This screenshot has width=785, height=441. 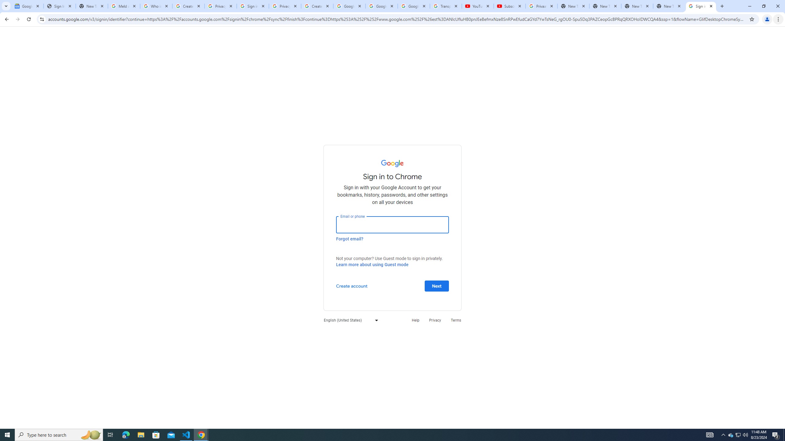 I want to click on 'English (United States)', so click(x=349, y=320).